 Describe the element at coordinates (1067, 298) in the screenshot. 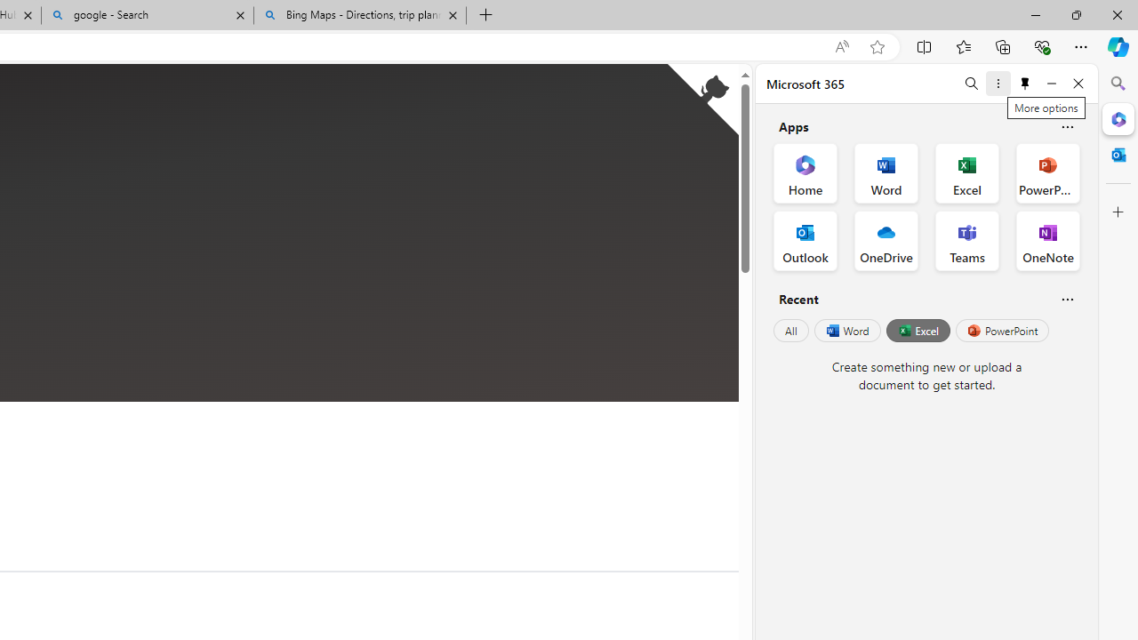

I see `'Is this helpful?'` at that location.